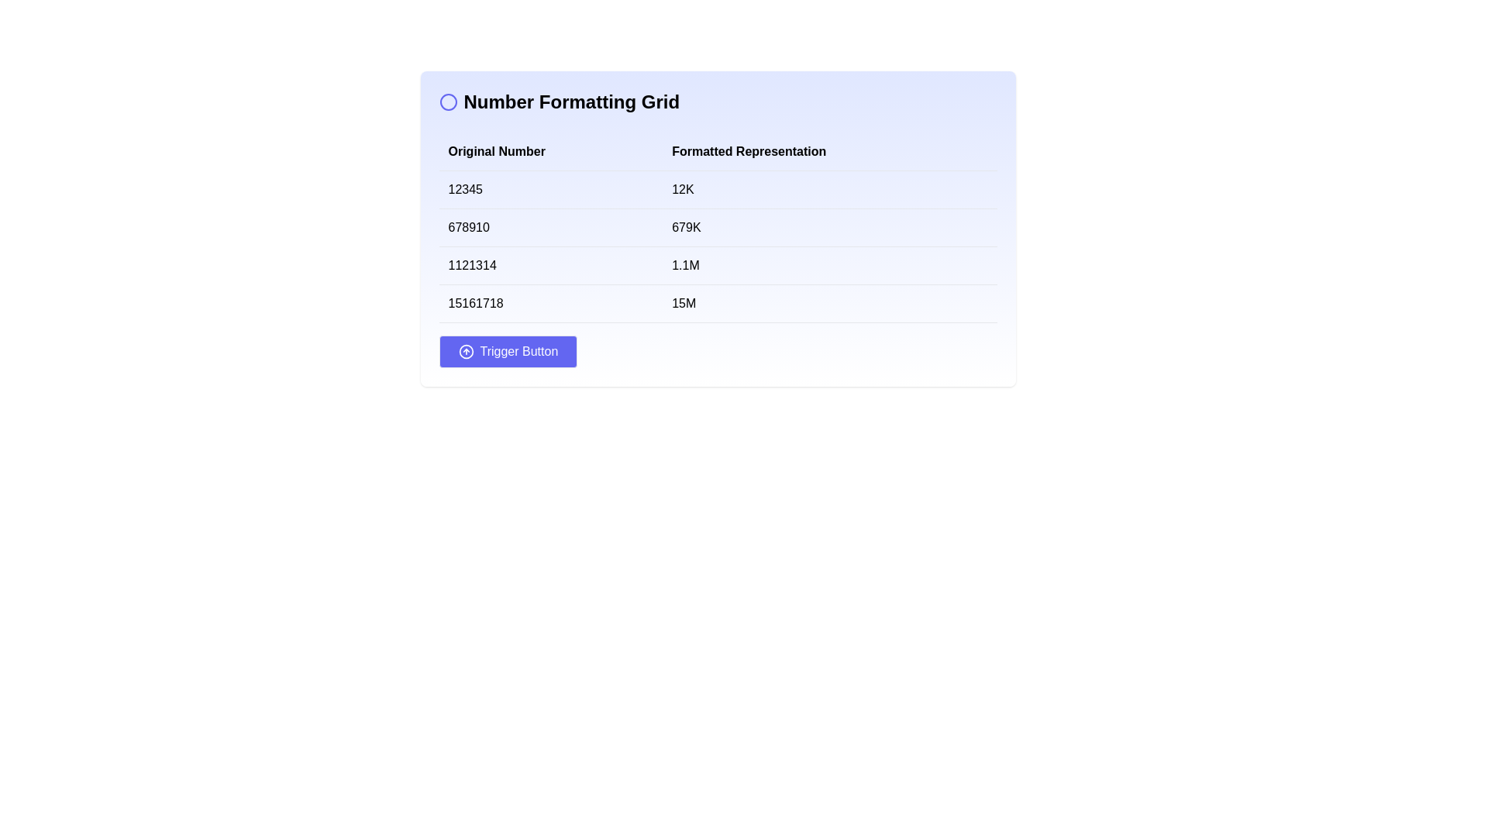  I want to click on the circular SVG graphic element with an indigo border located in the upper-left area of the 'Number Formatting Grid' card, positioned to the left of the title text, so click(447, 102).